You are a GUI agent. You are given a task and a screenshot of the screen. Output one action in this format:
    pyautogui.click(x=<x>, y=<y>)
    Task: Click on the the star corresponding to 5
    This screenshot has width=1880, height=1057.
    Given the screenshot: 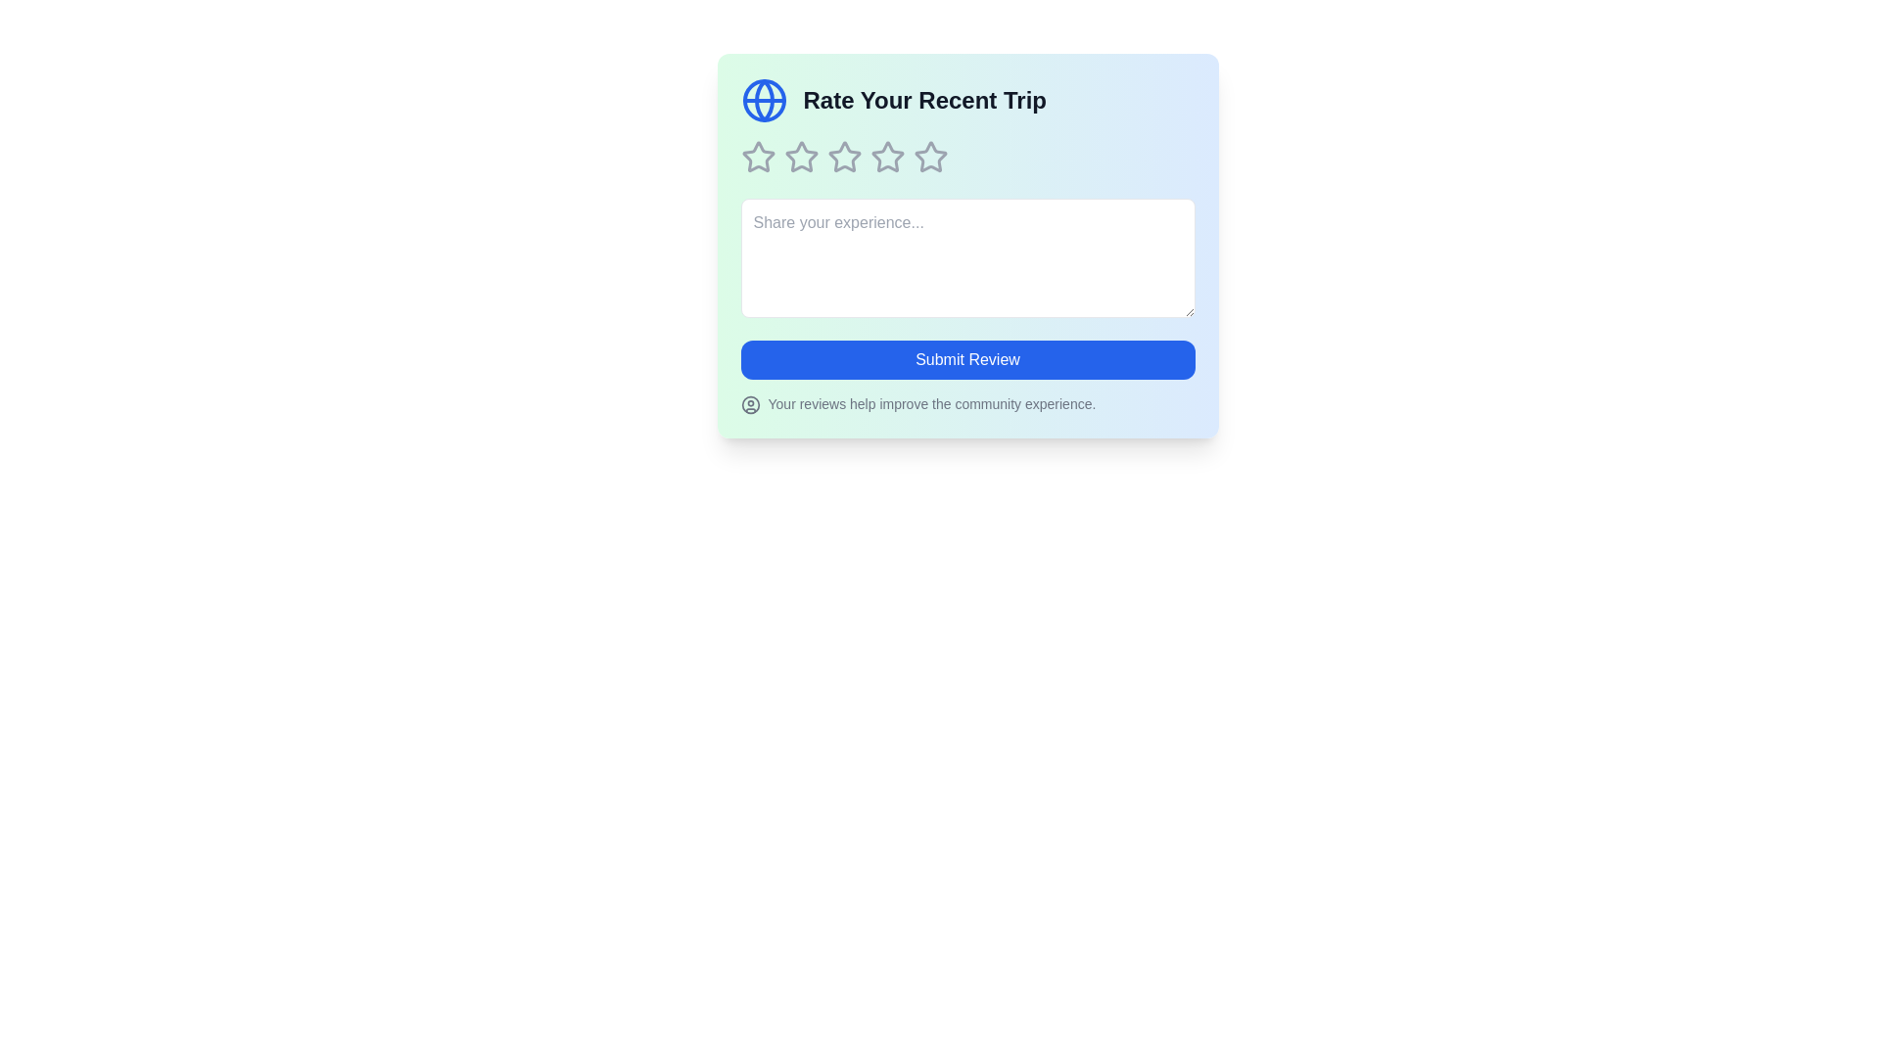 What is the action you would take?
    pyautogui.click(x=929, y=157)
    